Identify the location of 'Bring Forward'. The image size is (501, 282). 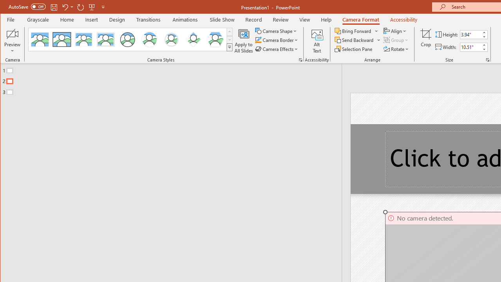
(353, 31).